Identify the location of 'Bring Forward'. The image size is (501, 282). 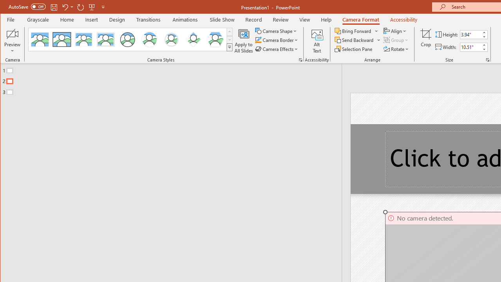
(353, 31).